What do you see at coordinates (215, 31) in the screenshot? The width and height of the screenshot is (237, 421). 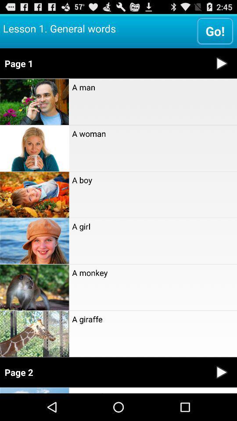 I see `icon next to the lesson 1 general icon` at bounding box center [215, 31].